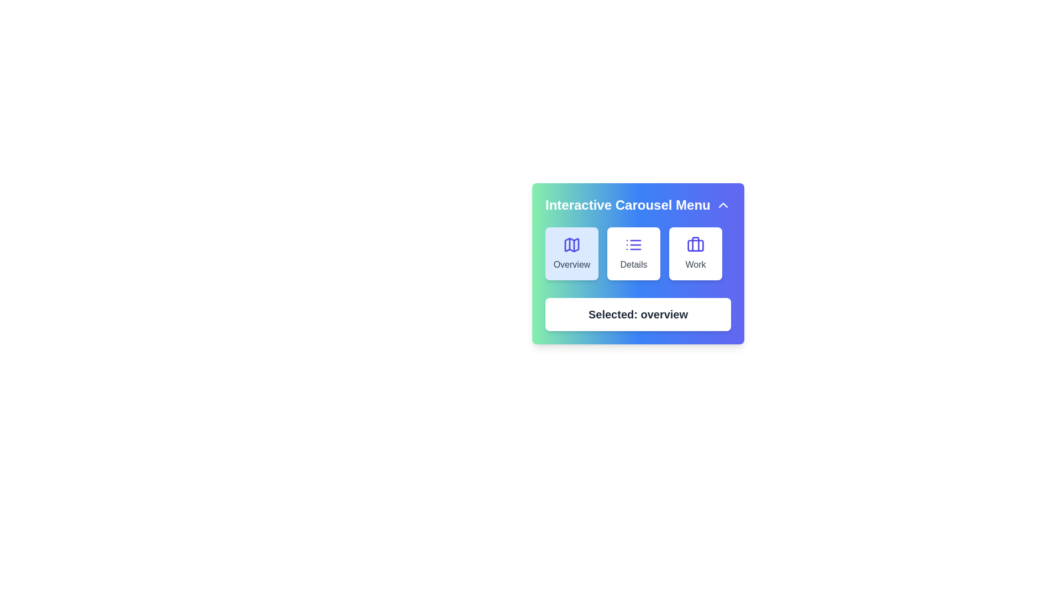  I want to click on the slide labeled Details from the carousel, so click(634, 253).